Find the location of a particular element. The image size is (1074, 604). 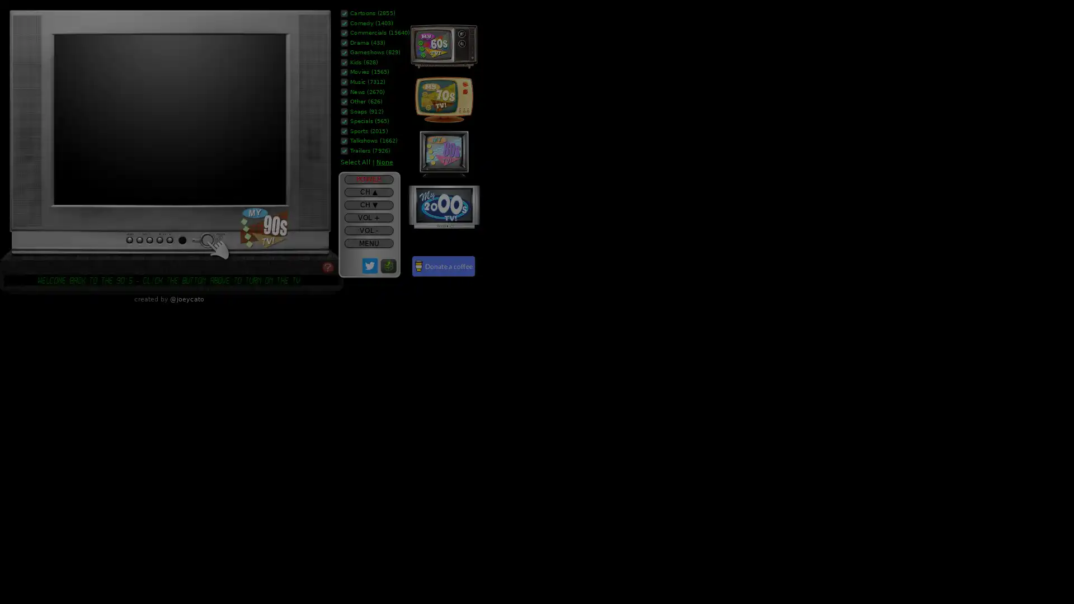

CH is located at coordinates (368, 205).